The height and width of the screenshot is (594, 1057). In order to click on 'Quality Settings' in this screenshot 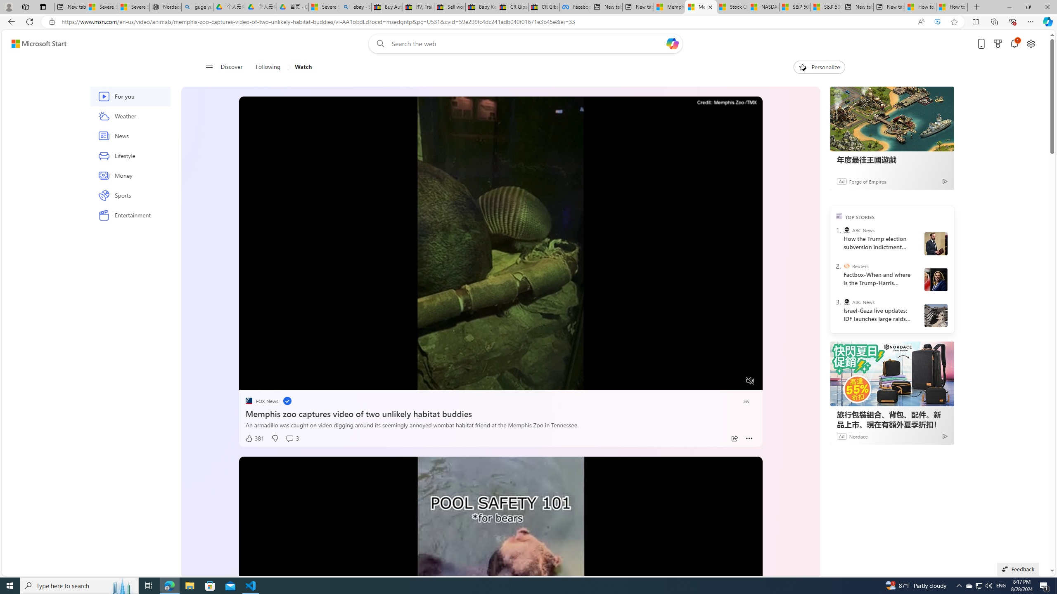, I will do `click(700, 381)`.